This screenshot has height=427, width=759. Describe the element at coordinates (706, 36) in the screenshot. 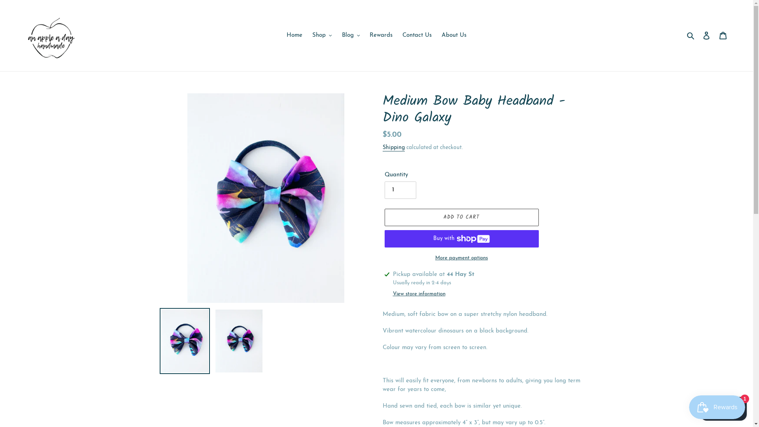

I see `'Log in'` at that location.